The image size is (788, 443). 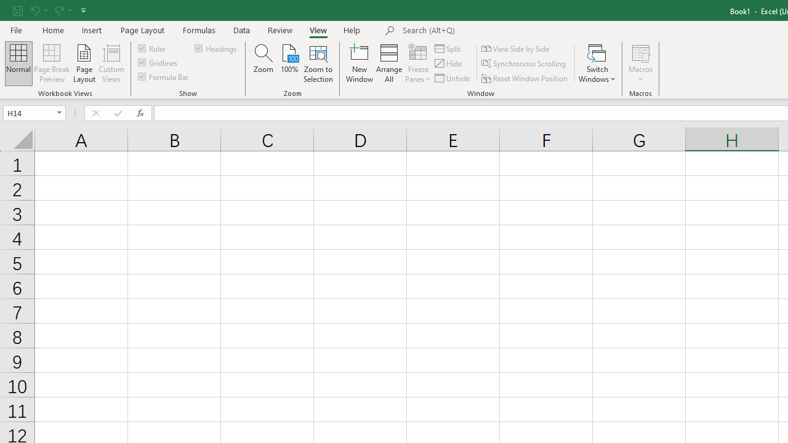 I want to click on 'Synchronous Scrolling', so click(x=525, y=63).